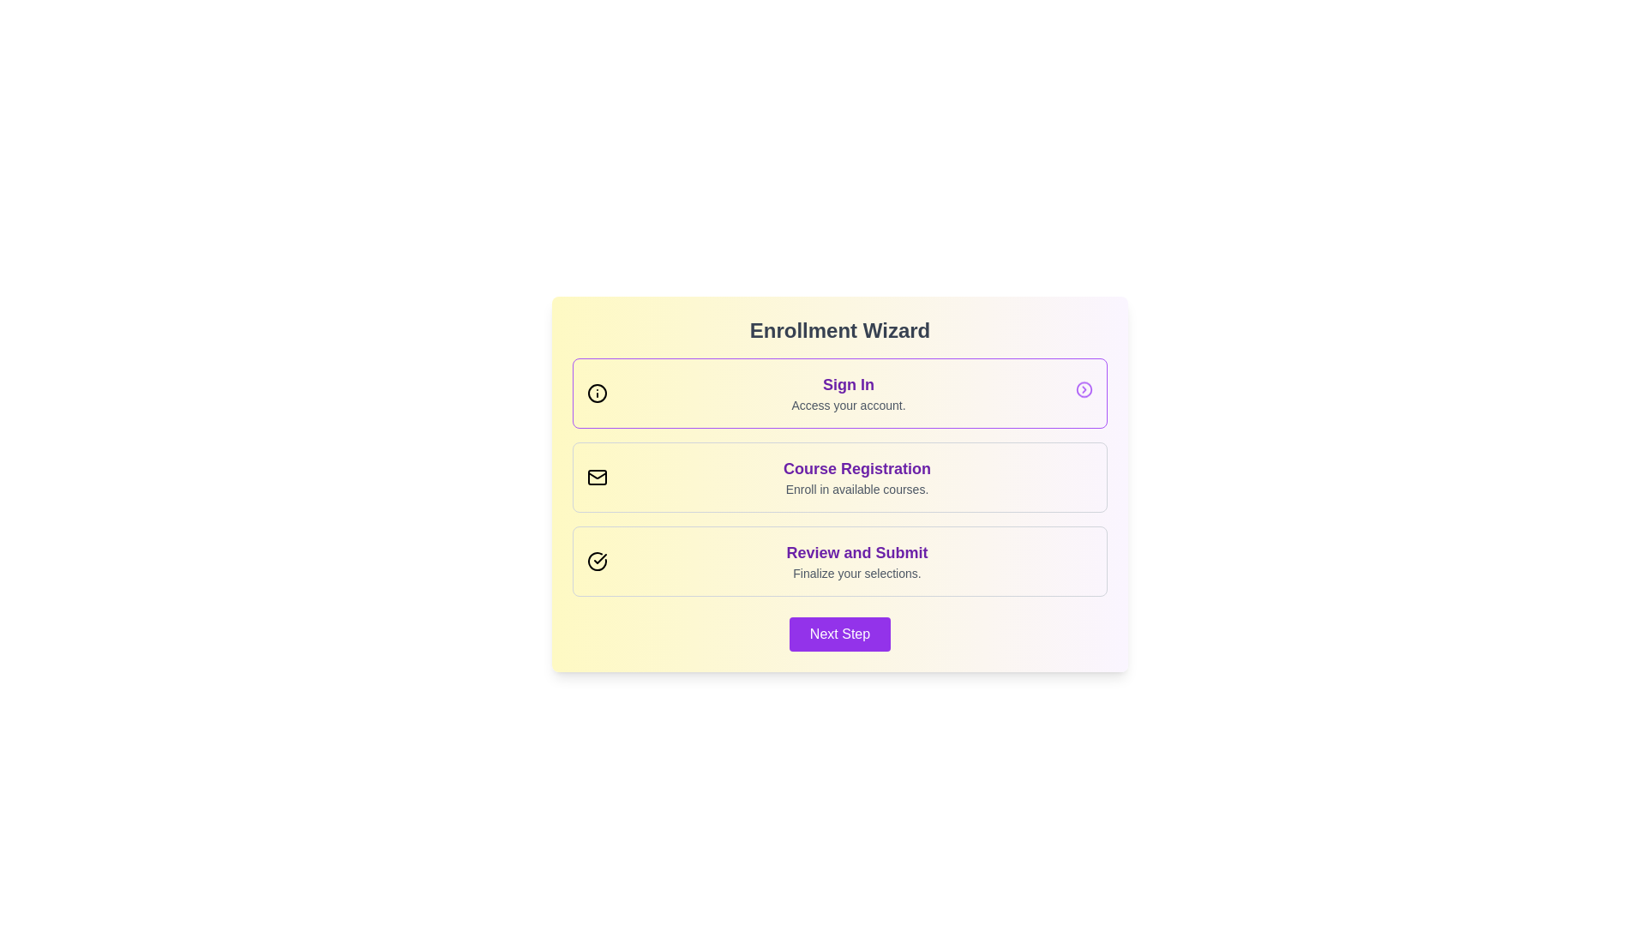 The height and width of the screenshot is (926, 1646). I want to click on the title text label for the first section of the enrollment process interface, which is centrally located within a panel with a purple border, so click(848, 383).